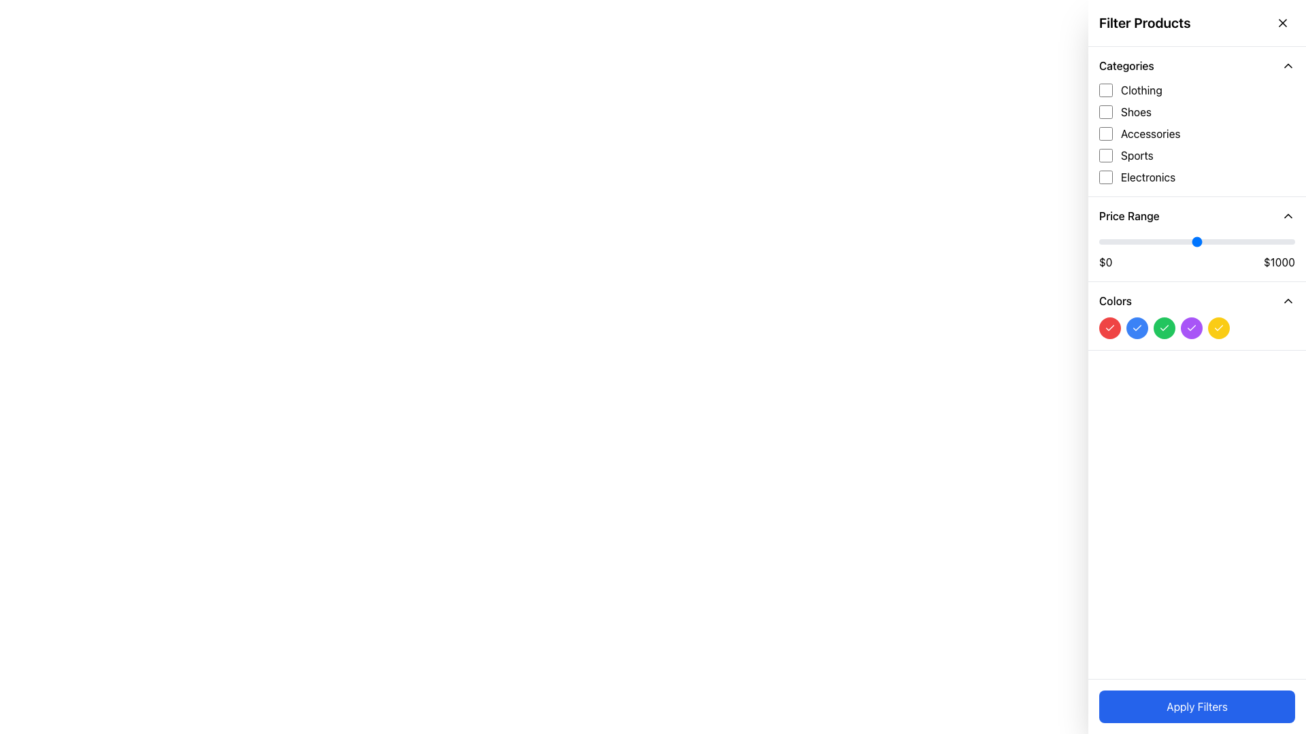 The width and height of the screenshot is (1306, 734). What do you see at coordinates (1150, 133) in the screenshot?
I see `the text label that reads 'Accessories', which is styled in black and positioned to the right of its corresponding checkbox in the filter panel` at bounding box center [1150, 133].